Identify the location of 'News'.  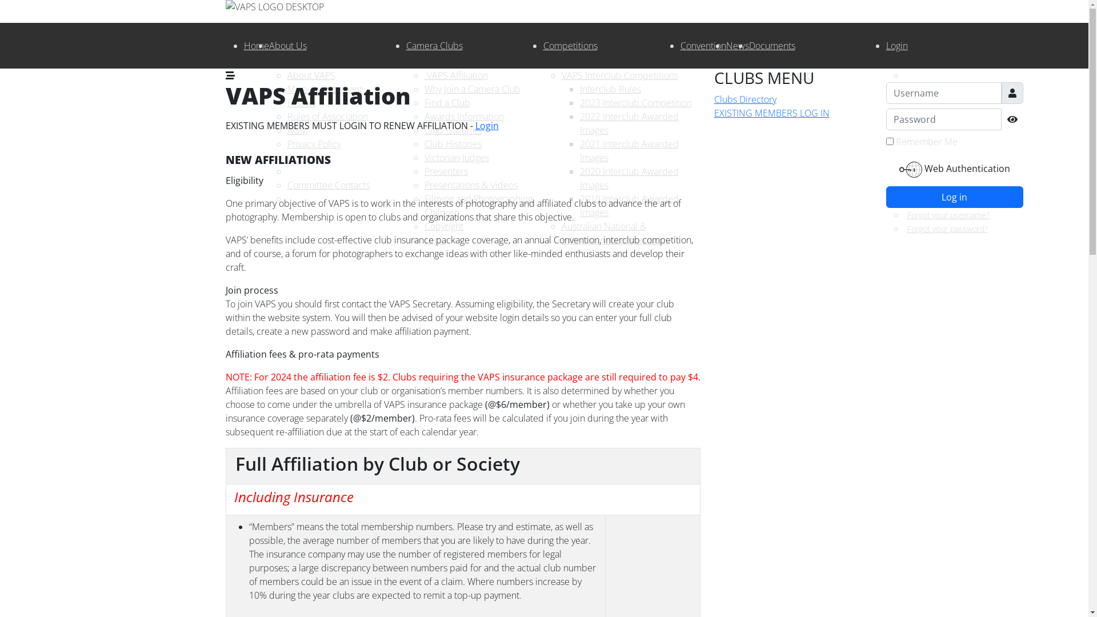
(737, 45).